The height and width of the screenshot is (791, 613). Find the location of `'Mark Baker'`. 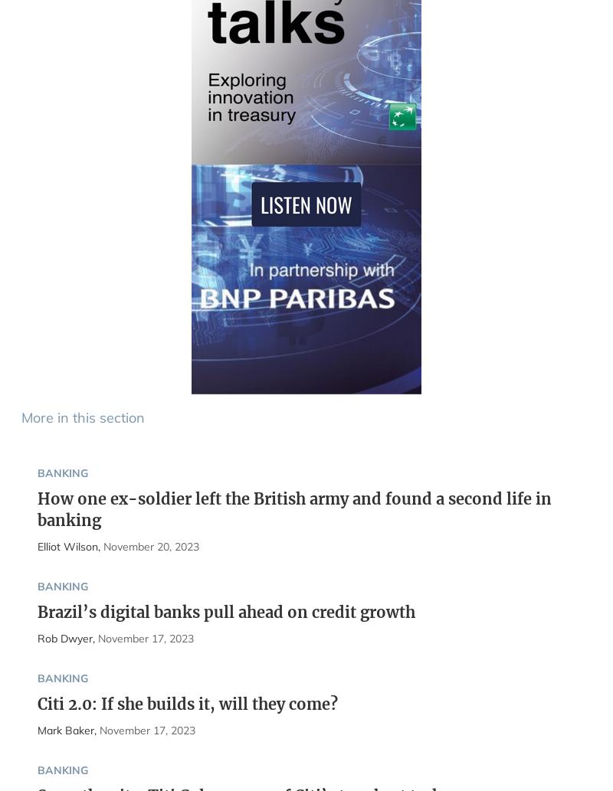

'Mark Baker' is located at coordinates (36, 729).